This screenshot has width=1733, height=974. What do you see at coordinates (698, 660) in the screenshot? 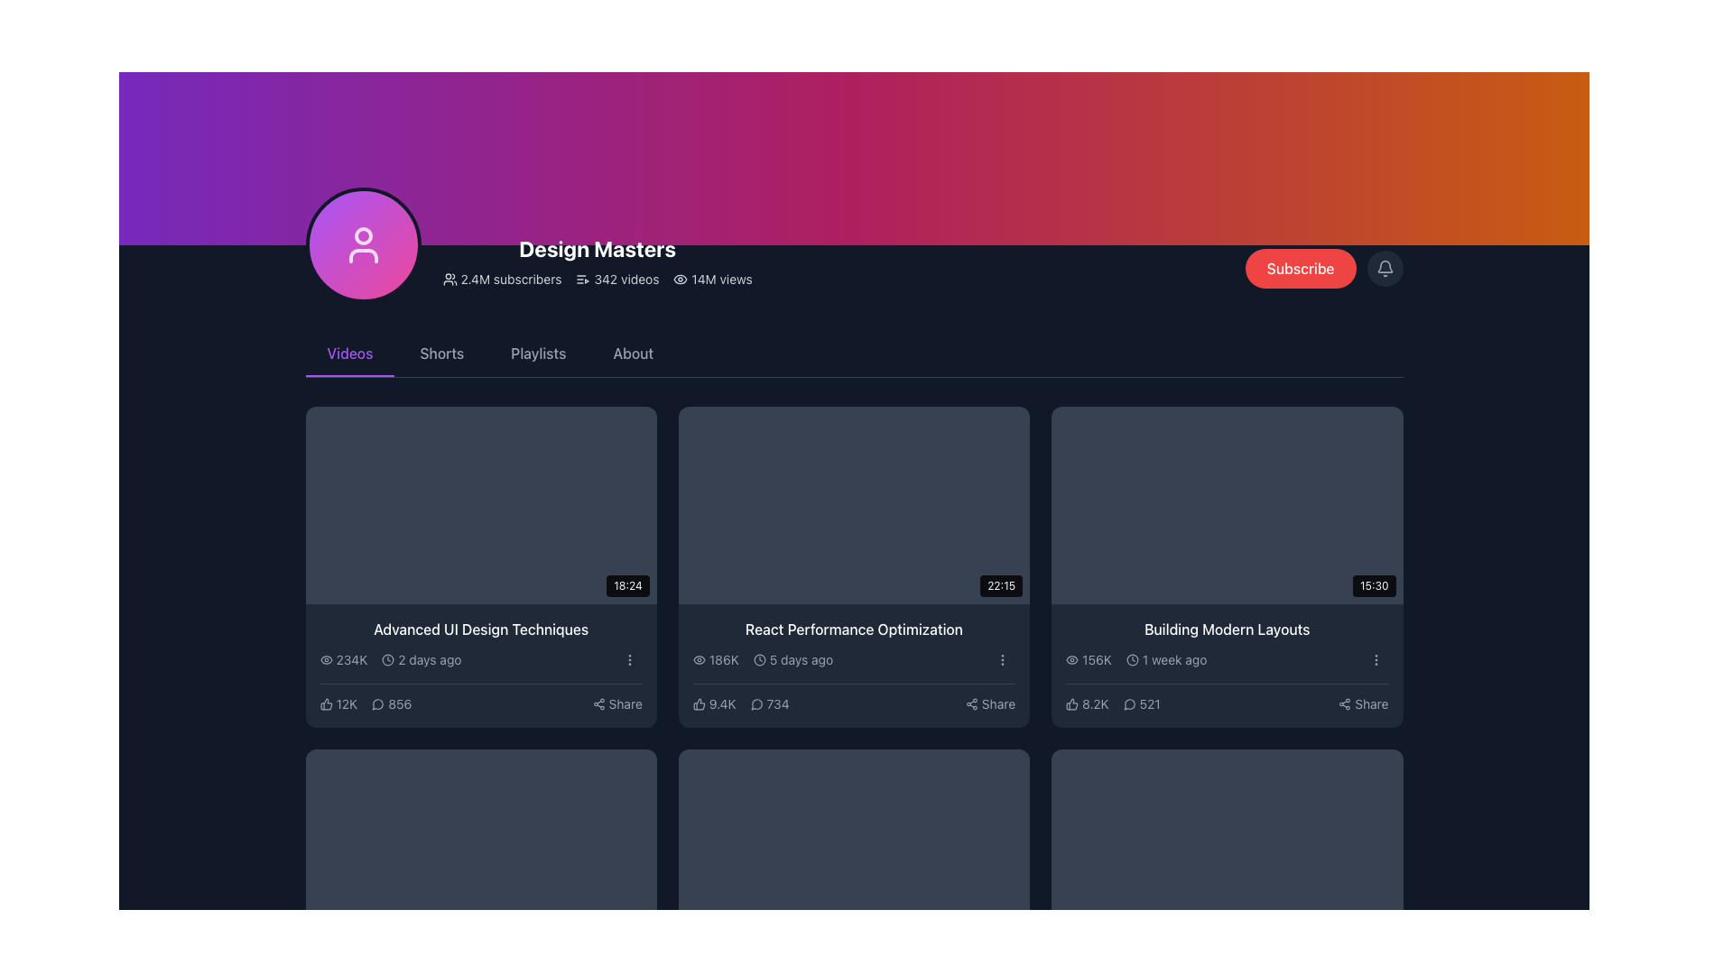
I see `the video views icon located below the title 'React Performance Optimization' in the second video card of the video grid, adjacent to the number '186K'` at bounding box center [698, 660].